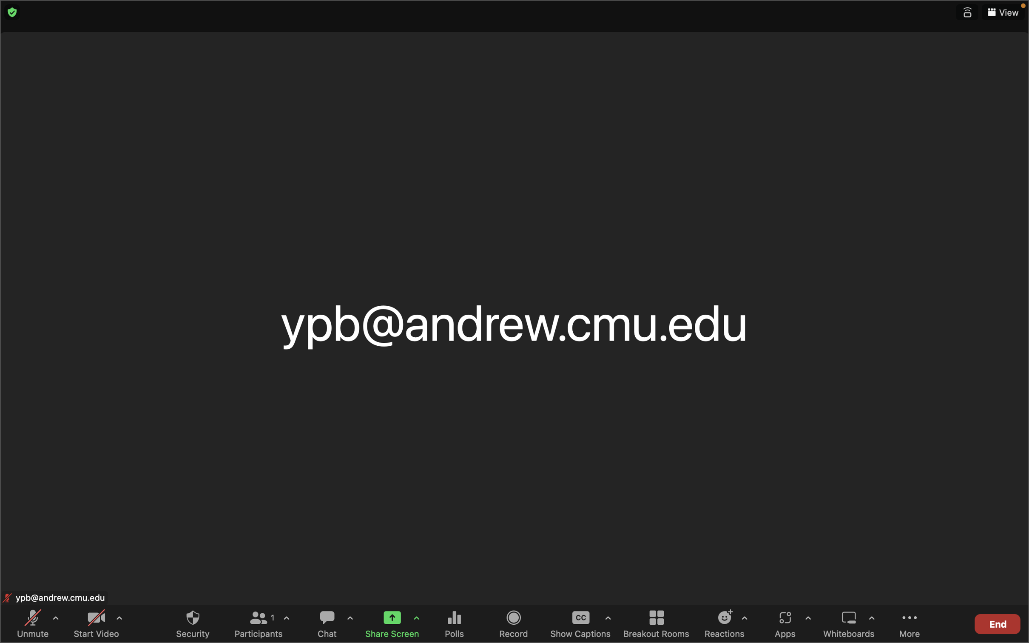 This screenshot has height=643, width=1029. Describe the element at coordinates (34, 623) in the screenshot. I see `Switch on the audio by unmuting` at that location.